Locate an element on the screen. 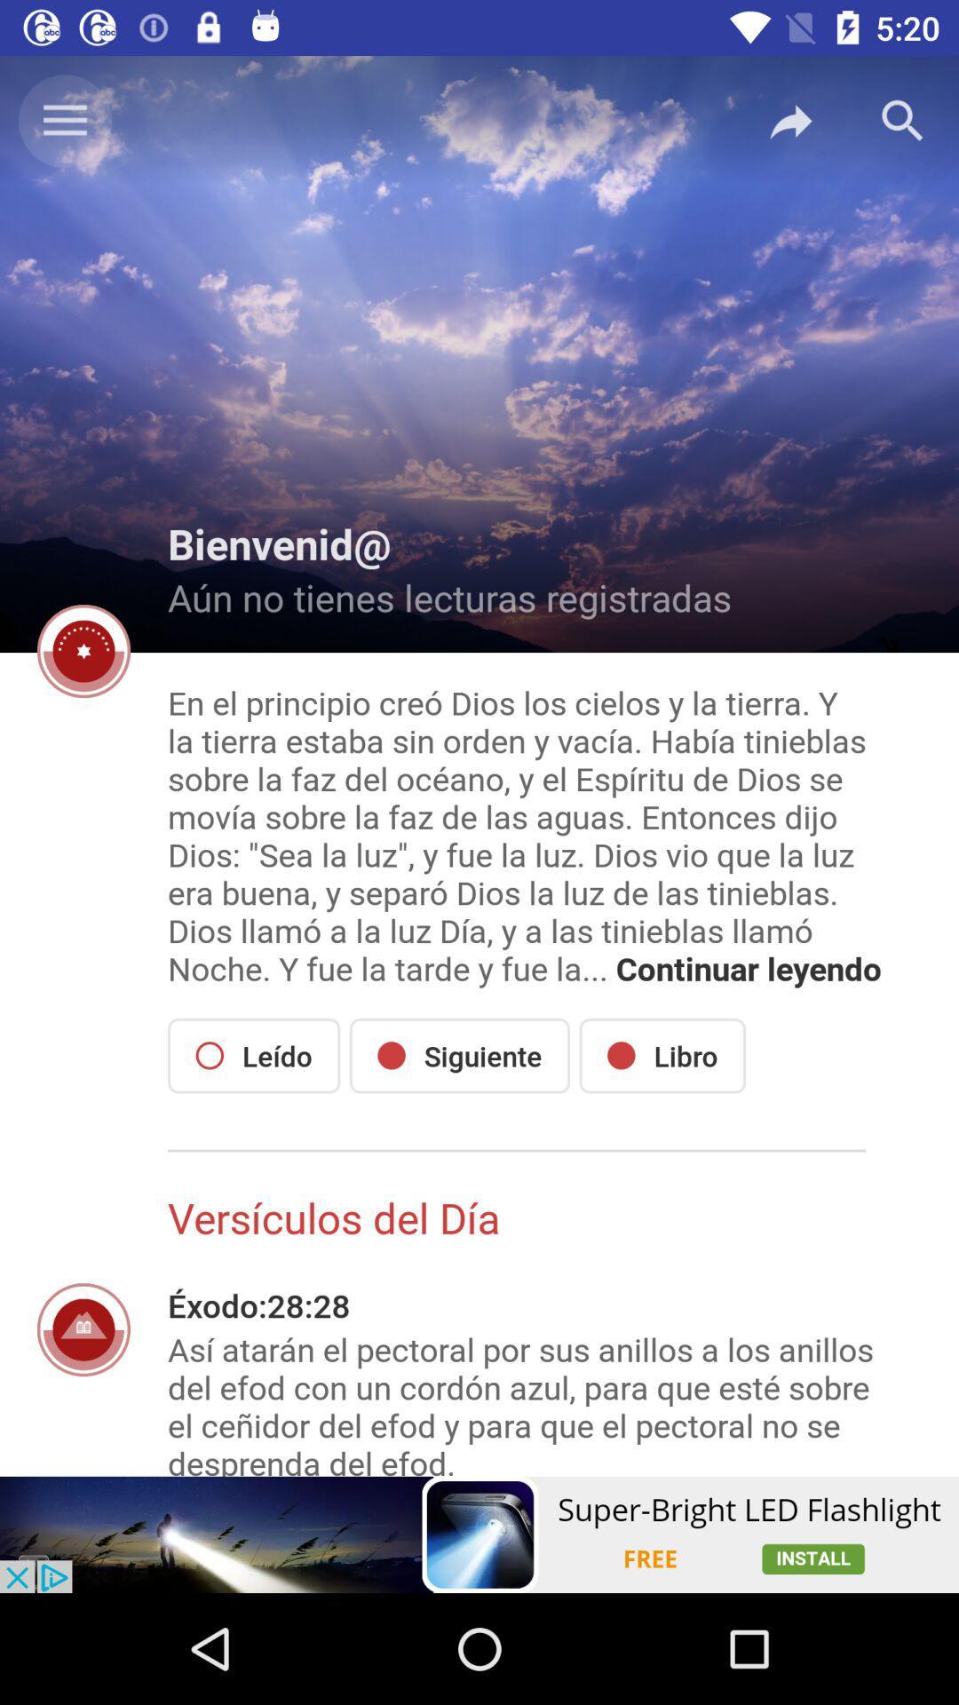 The image size is (959, 1705). the item below the en el principio is located at coordinates (254, 1056).